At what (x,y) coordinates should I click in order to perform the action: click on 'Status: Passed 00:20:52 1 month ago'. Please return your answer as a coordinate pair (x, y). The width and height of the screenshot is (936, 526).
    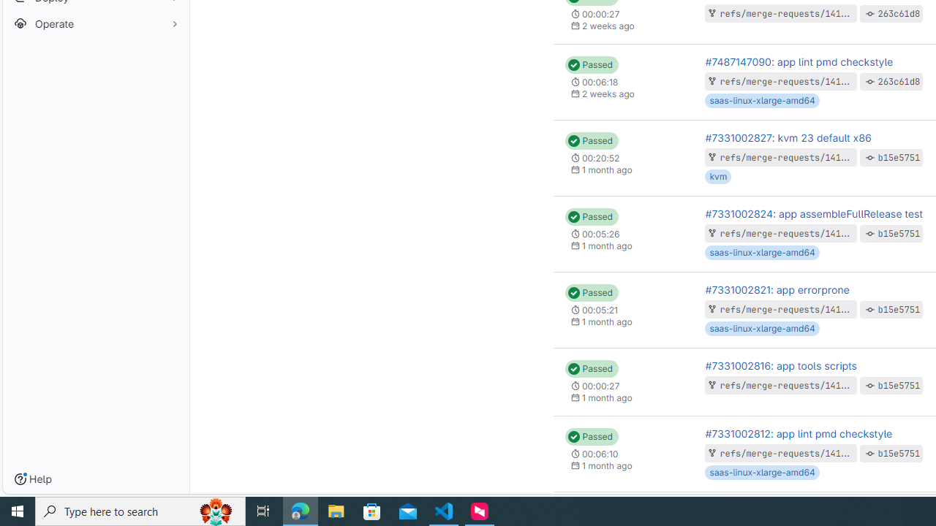
    Looking at the image, I should click on (623, 158).